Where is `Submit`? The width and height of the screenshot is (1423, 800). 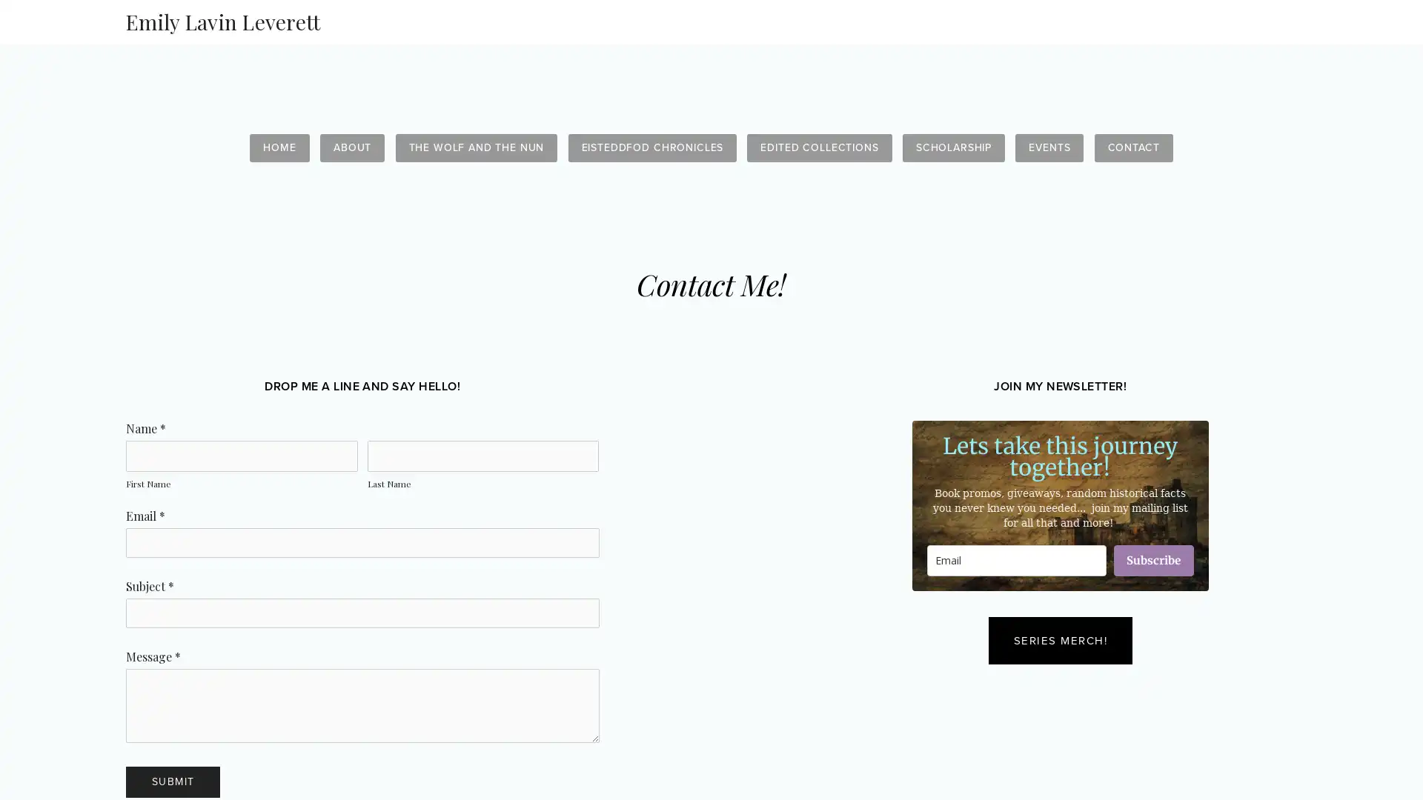
Submit is located at coordinates (173, 781).